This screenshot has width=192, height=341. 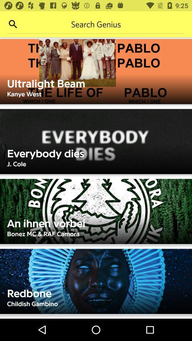 What do you see at coordinates (96, 24) in the screenshot?
I see `search genius engine text field` at bounding box center [96, 24].